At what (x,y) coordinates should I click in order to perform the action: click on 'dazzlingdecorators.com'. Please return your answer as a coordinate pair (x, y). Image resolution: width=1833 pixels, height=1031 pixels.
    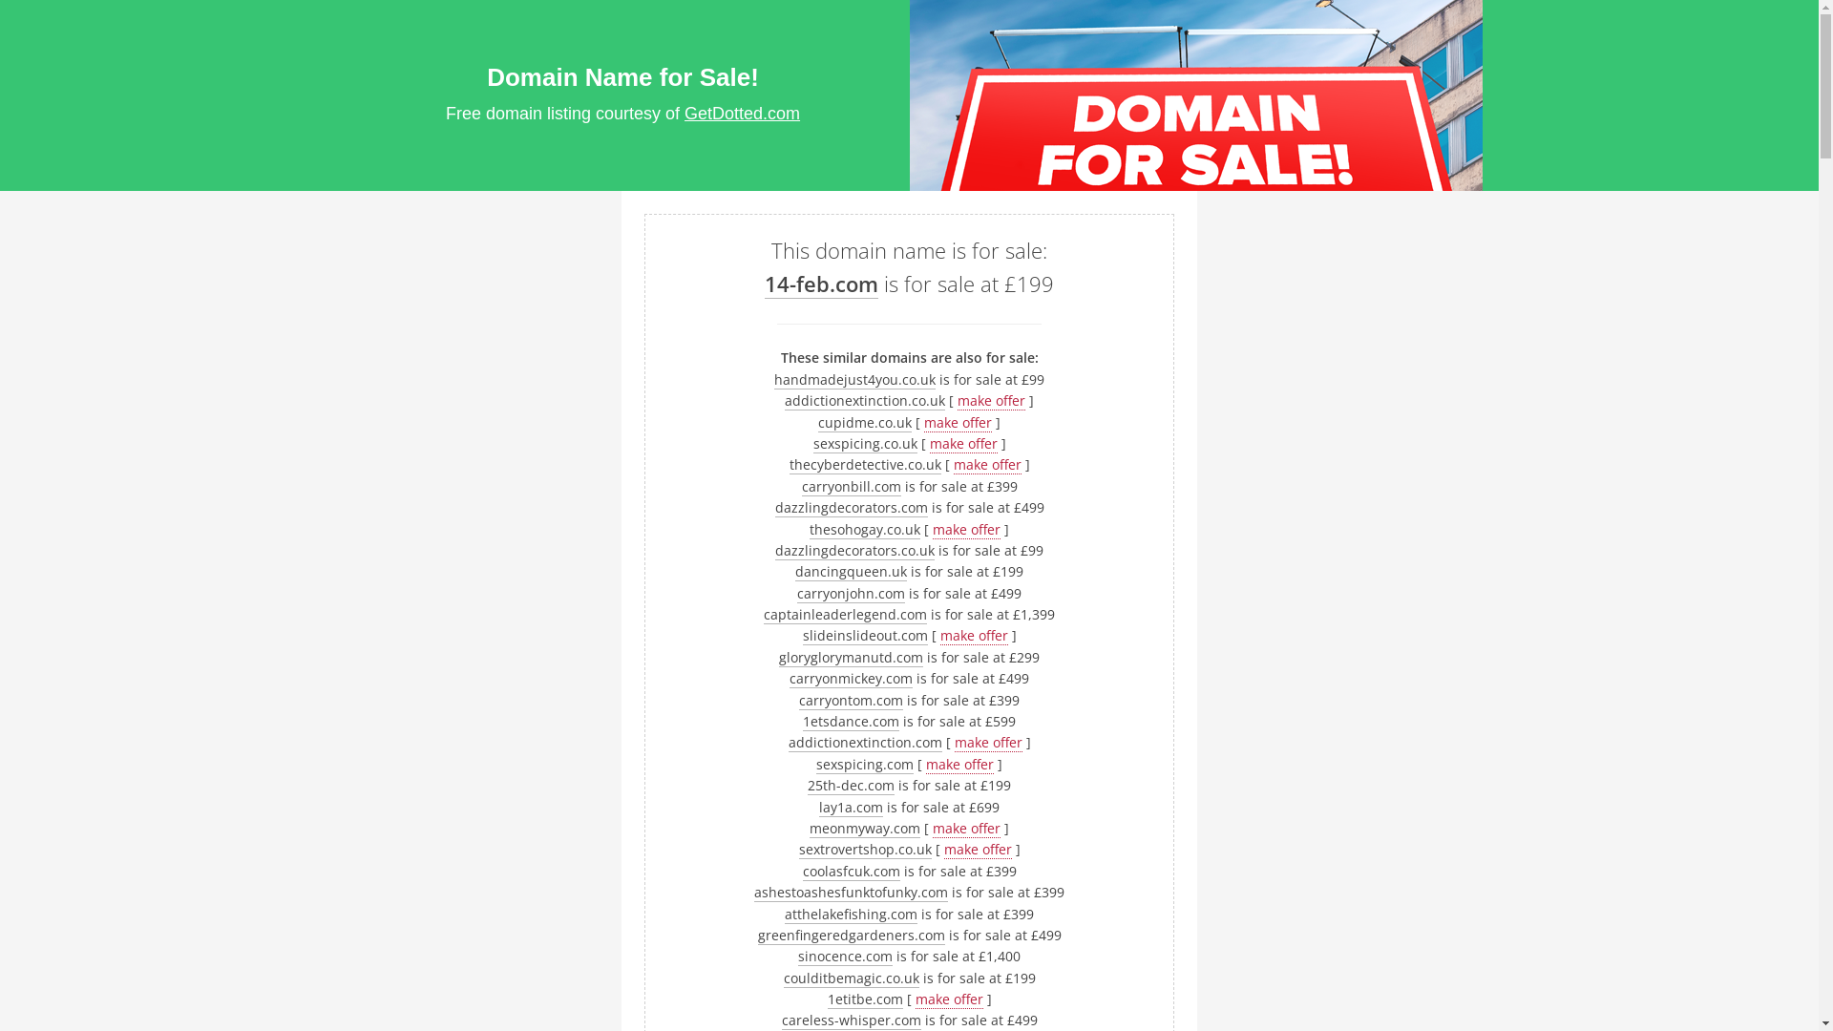
    Looking at the image, I should click on (851, 507).